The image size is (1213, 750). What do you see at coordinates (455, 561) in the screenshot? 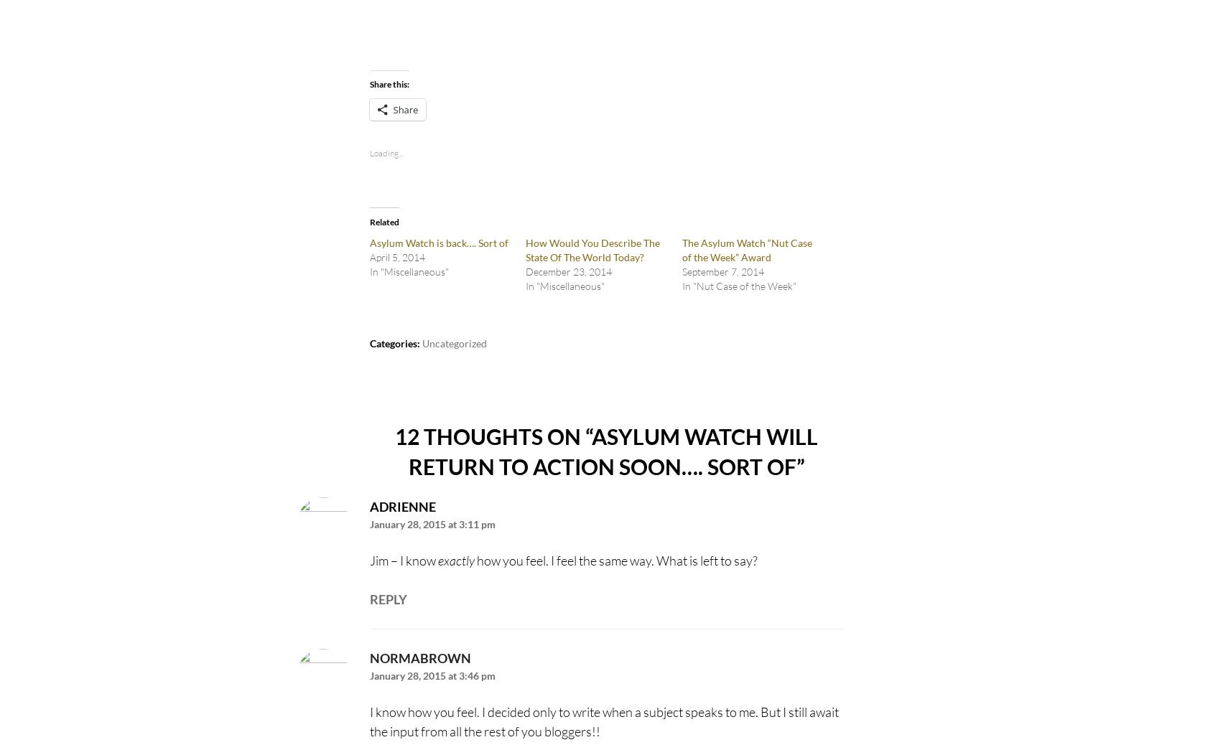
I see `'exactly'` at bounding box center [455, 561].